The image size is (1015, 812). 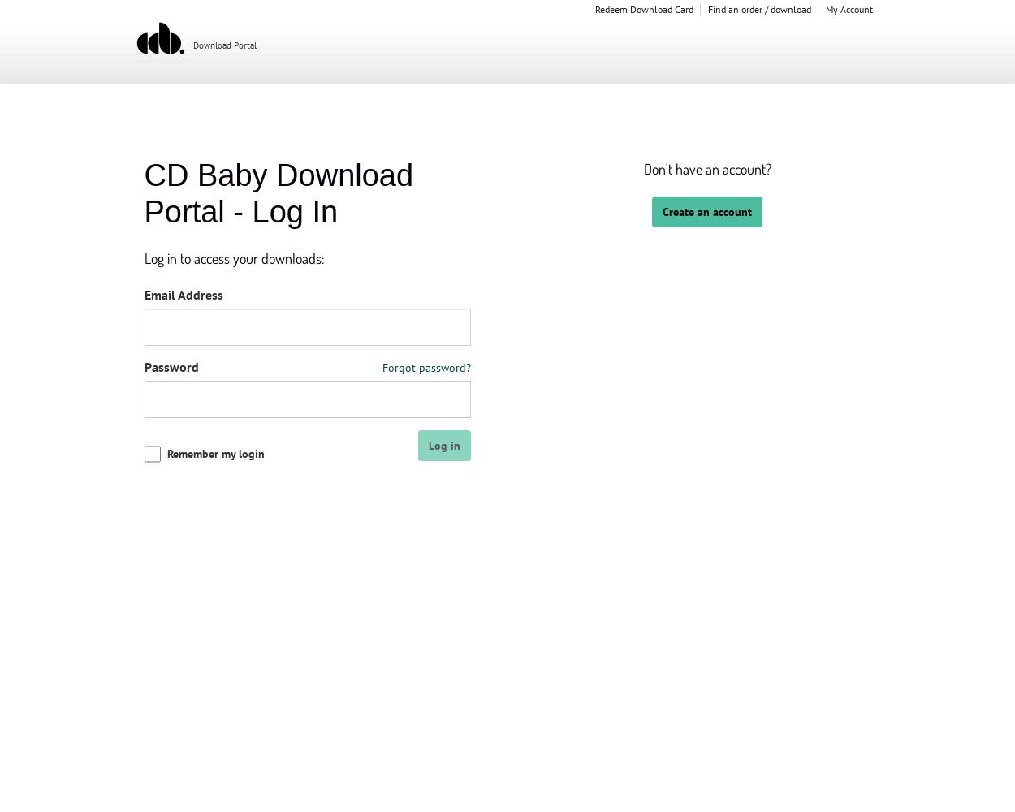 What do you see at coordinates (166, 454) in the screenshot?
I see `'Remember my login'` at bounding box center [166, 454].